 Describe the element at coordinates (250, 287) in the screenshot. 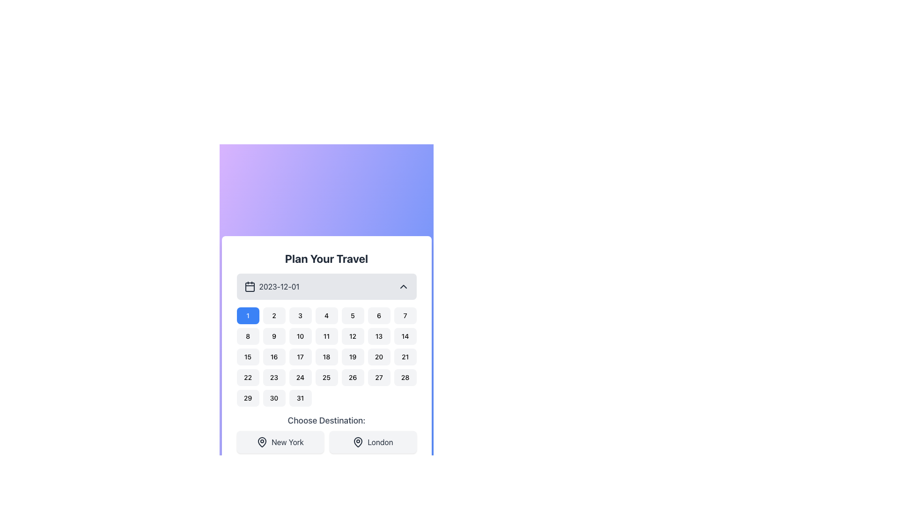

I see `the main body of the calendar icon represented by the SVG Rectangle, which is centrally located within the calendar icon` at that location.